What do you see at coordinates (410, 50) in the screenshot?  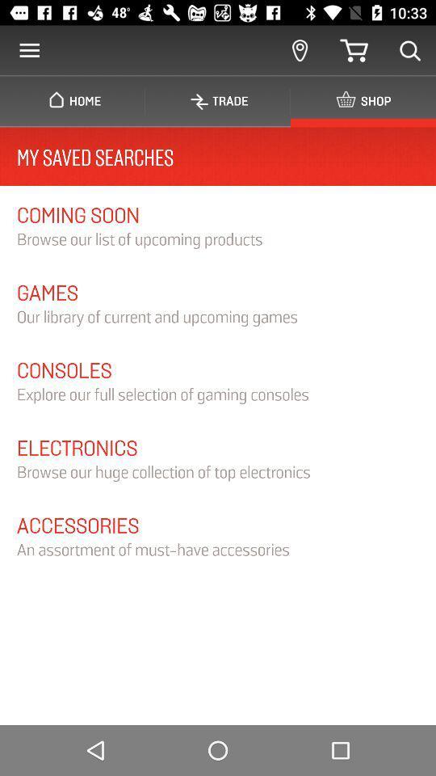 I see `the icon above the shop` at bounding box center [410, 50].